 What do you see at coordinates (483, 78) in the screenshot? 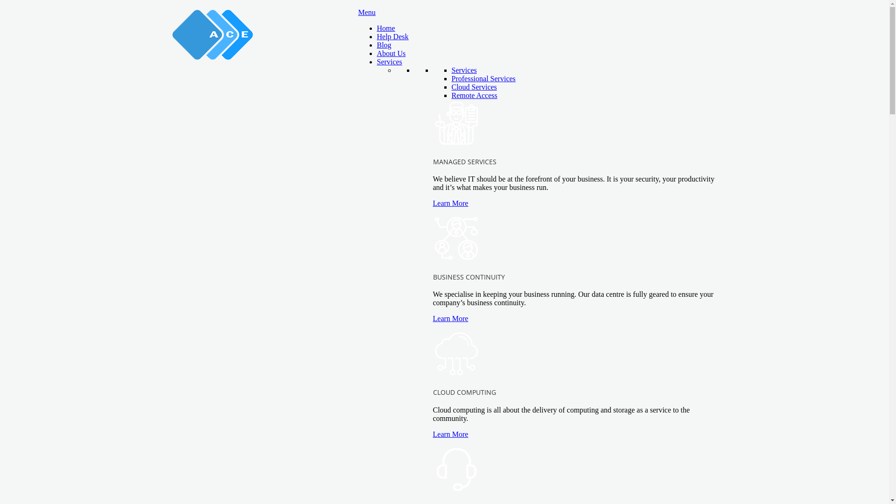
I see `'Professional Services'` at bounding box center [483, 78].